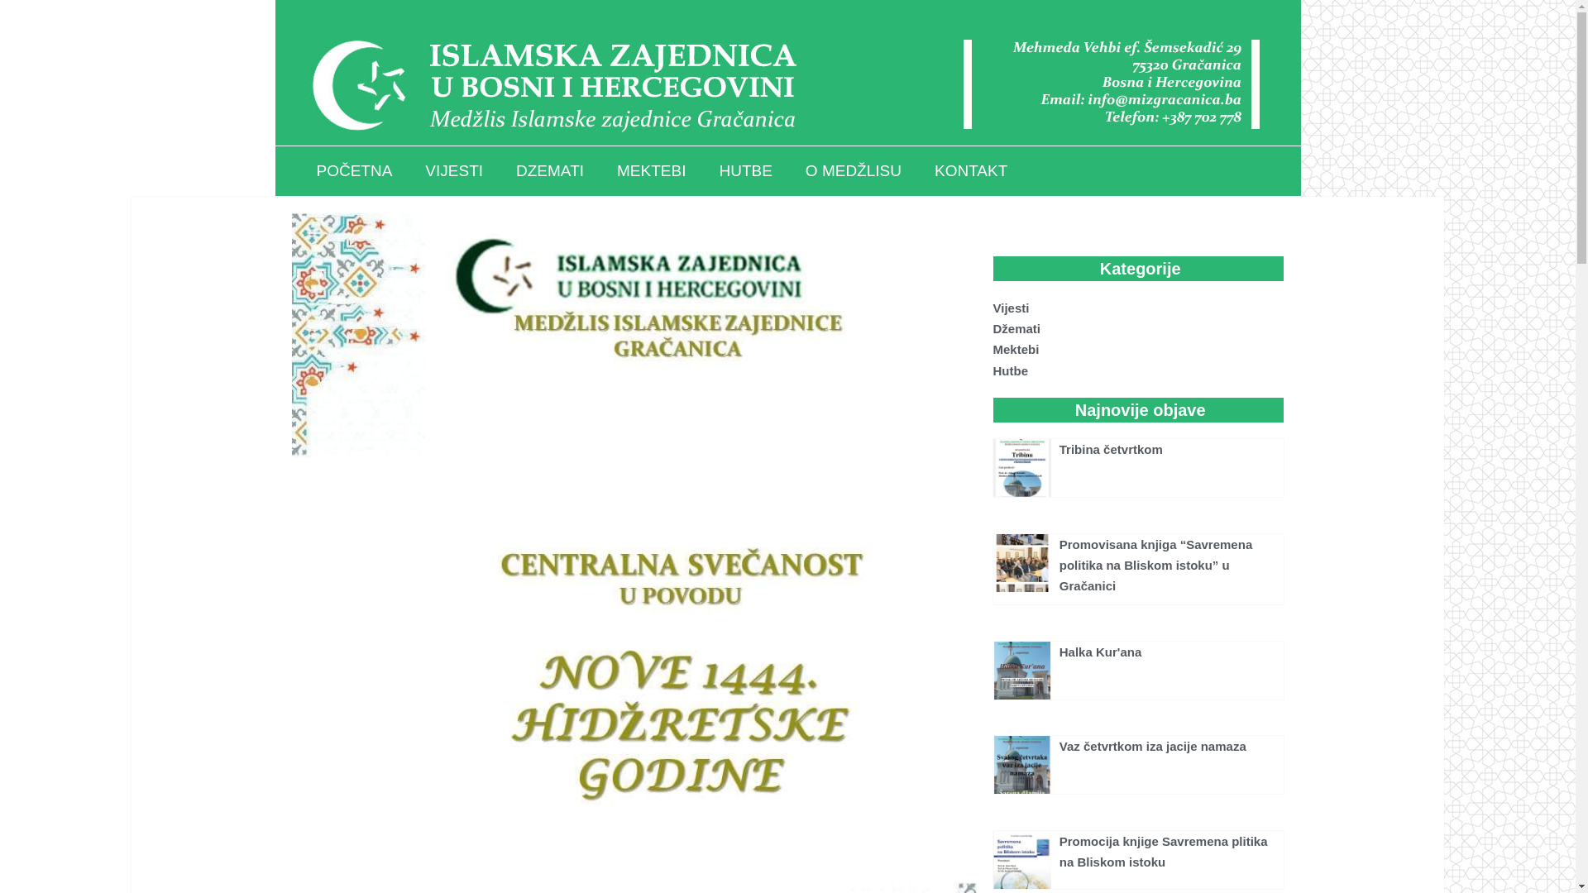 The width and height of the screenshot is (1588, 893). I want to click on 'Halka Kur'ana', so click(1059, 651).